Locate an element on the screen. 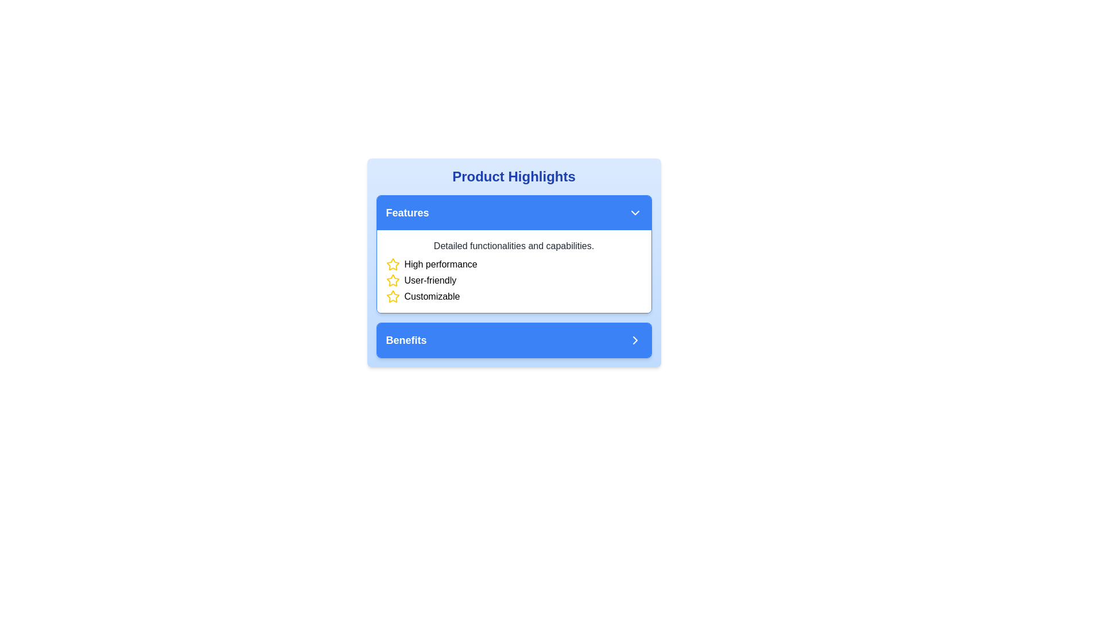 The height and width of the screenshot is (620, 1102). the rightward-pointing chevron icon styled in white against a blue background, located to the far right of the 'Benefits' button is located at coordinates (634, 340).